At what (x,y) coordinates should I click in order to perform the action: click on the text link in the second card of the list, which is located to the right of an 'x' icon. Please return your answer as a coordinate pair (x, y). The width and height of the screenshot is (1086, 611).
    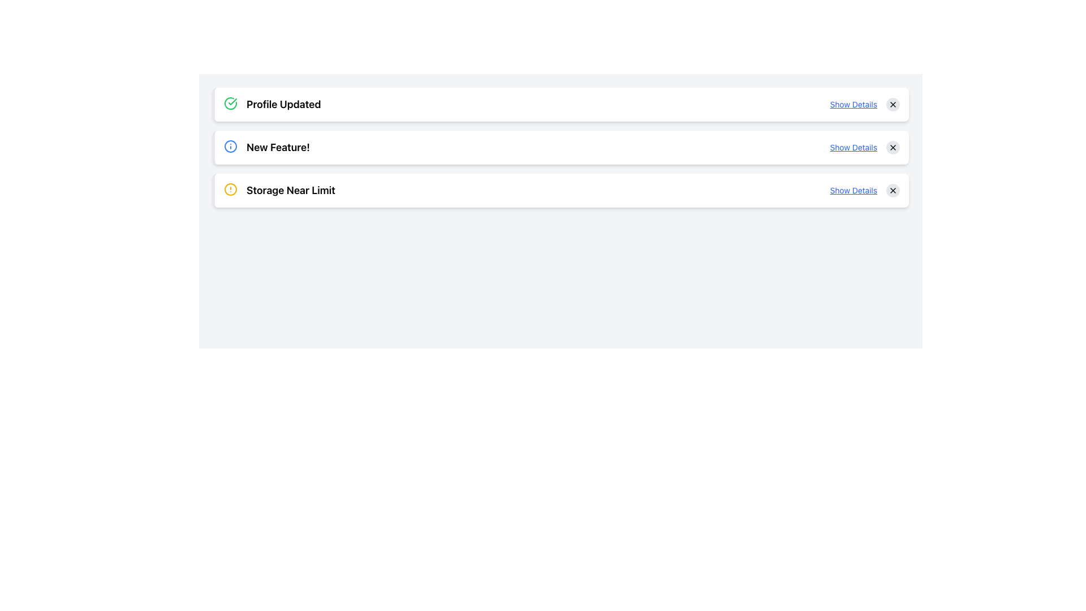
    Looking at the image, I should click on (854, 147).